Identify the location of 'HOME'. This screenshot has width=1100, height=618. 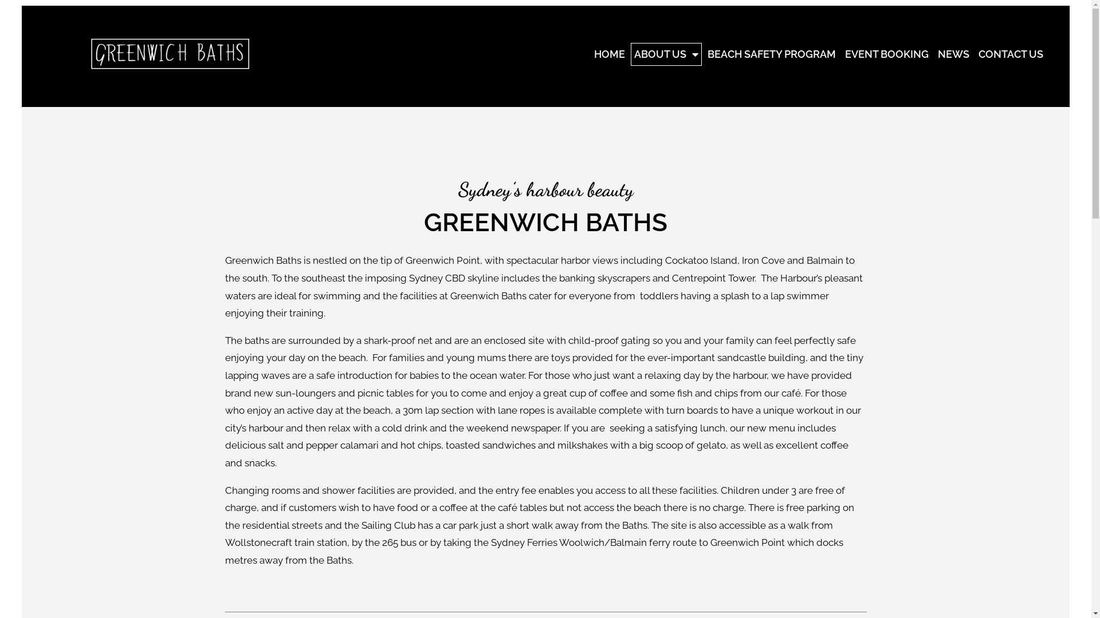
(609, 54).